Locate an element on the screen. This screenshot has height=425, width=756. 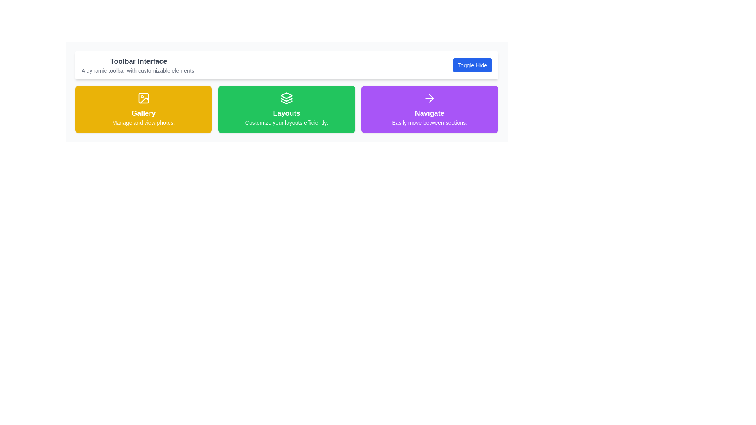
the toggle button located on the right side of the toolbar at the top of the interface is located at coordinates (472, 65).